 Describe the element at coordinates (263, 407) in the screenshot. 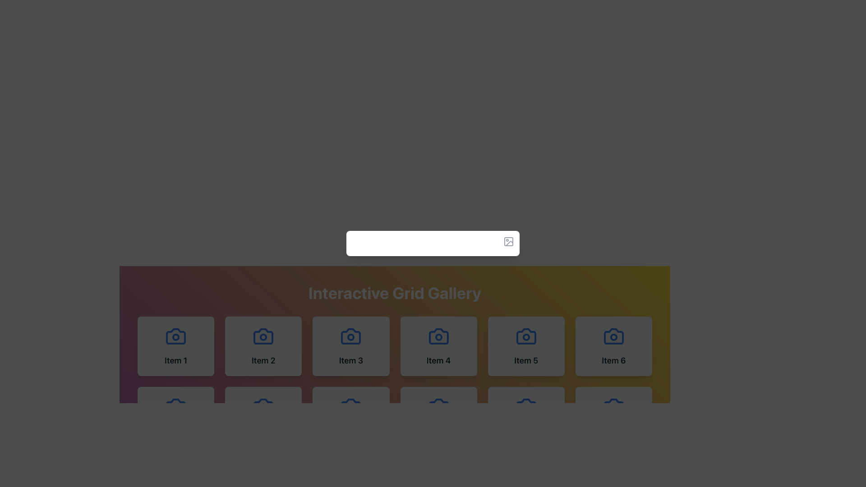

I see `the camera icon element located above the text 'Item 8' in the grid layout for further examination` at that location.